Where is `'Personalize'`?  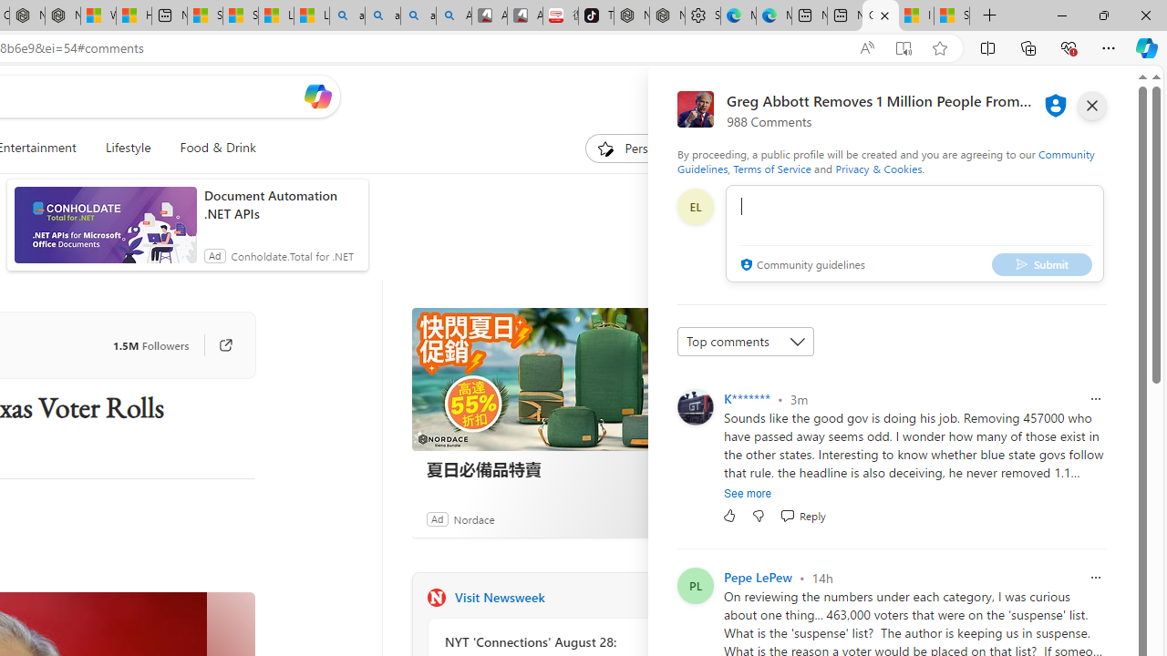 'Personalize' is located at coordinates (642, 148).